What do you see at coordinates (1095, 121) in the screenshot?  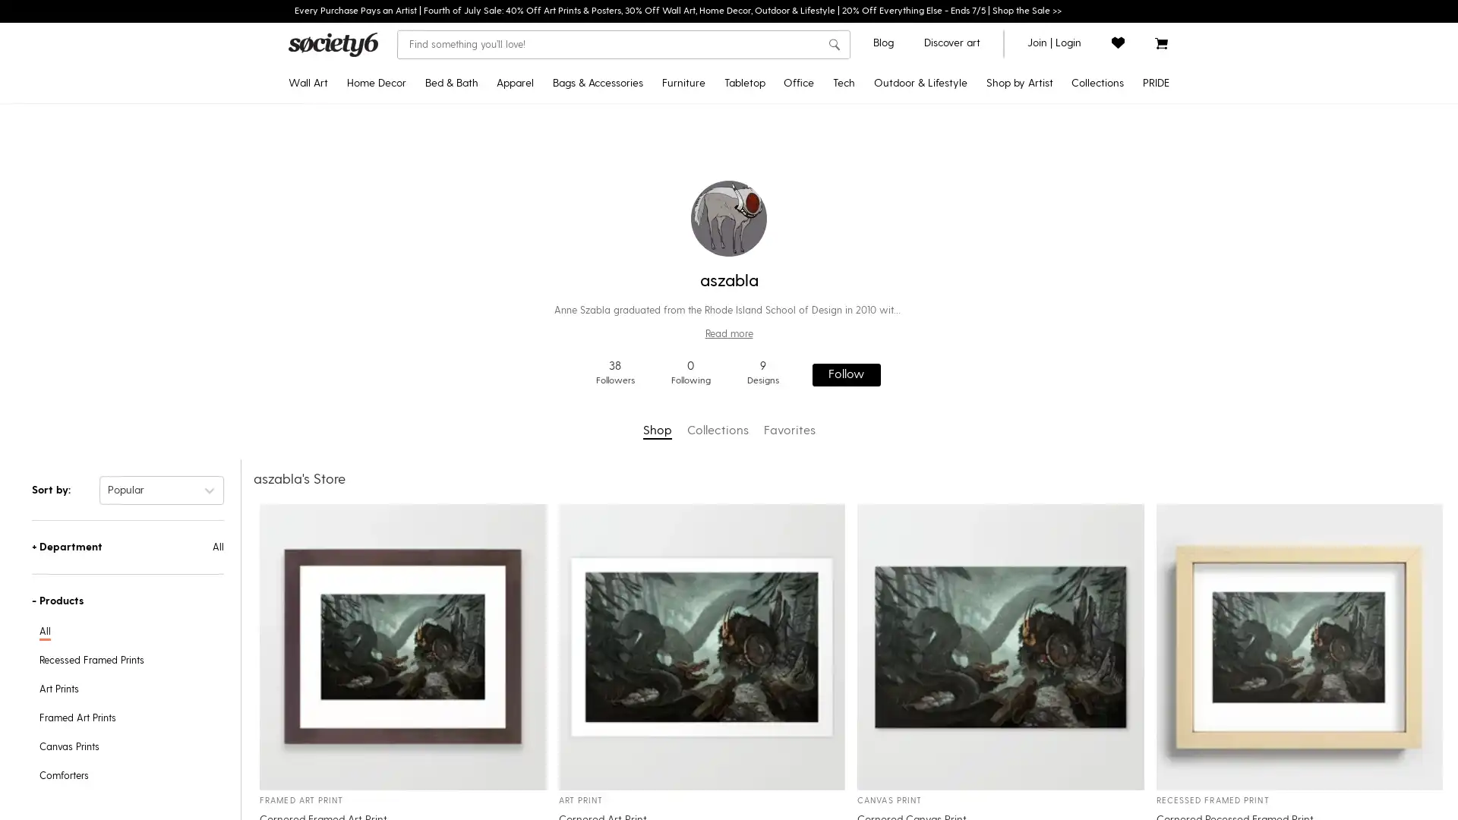 I see `Celebrate Pride Month` at bounding box center [1095, 121].